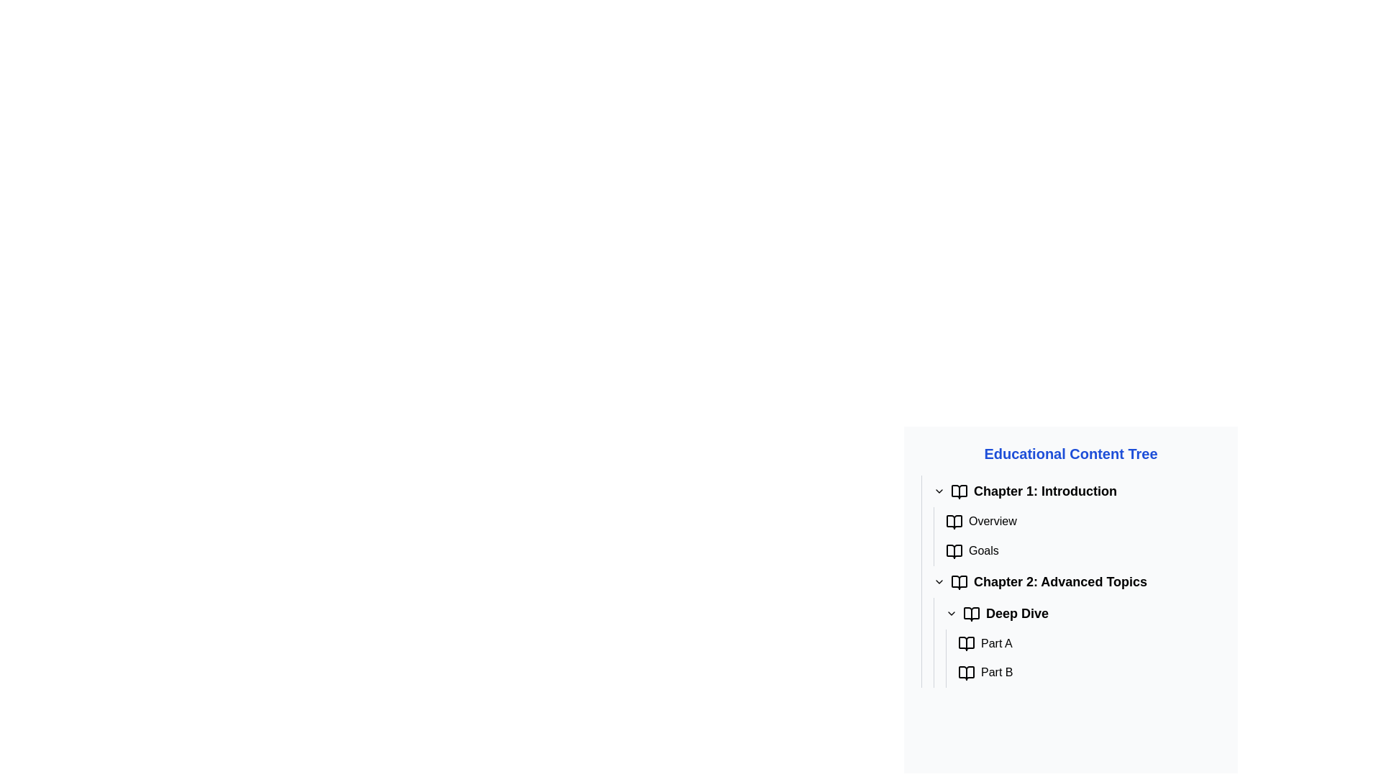 The image size is (1381, 777). I want to click on the Toggle icon (downward chevron) located at the leftmost side of the row for 'Chapter 1: Introduction', so click(939, 490).